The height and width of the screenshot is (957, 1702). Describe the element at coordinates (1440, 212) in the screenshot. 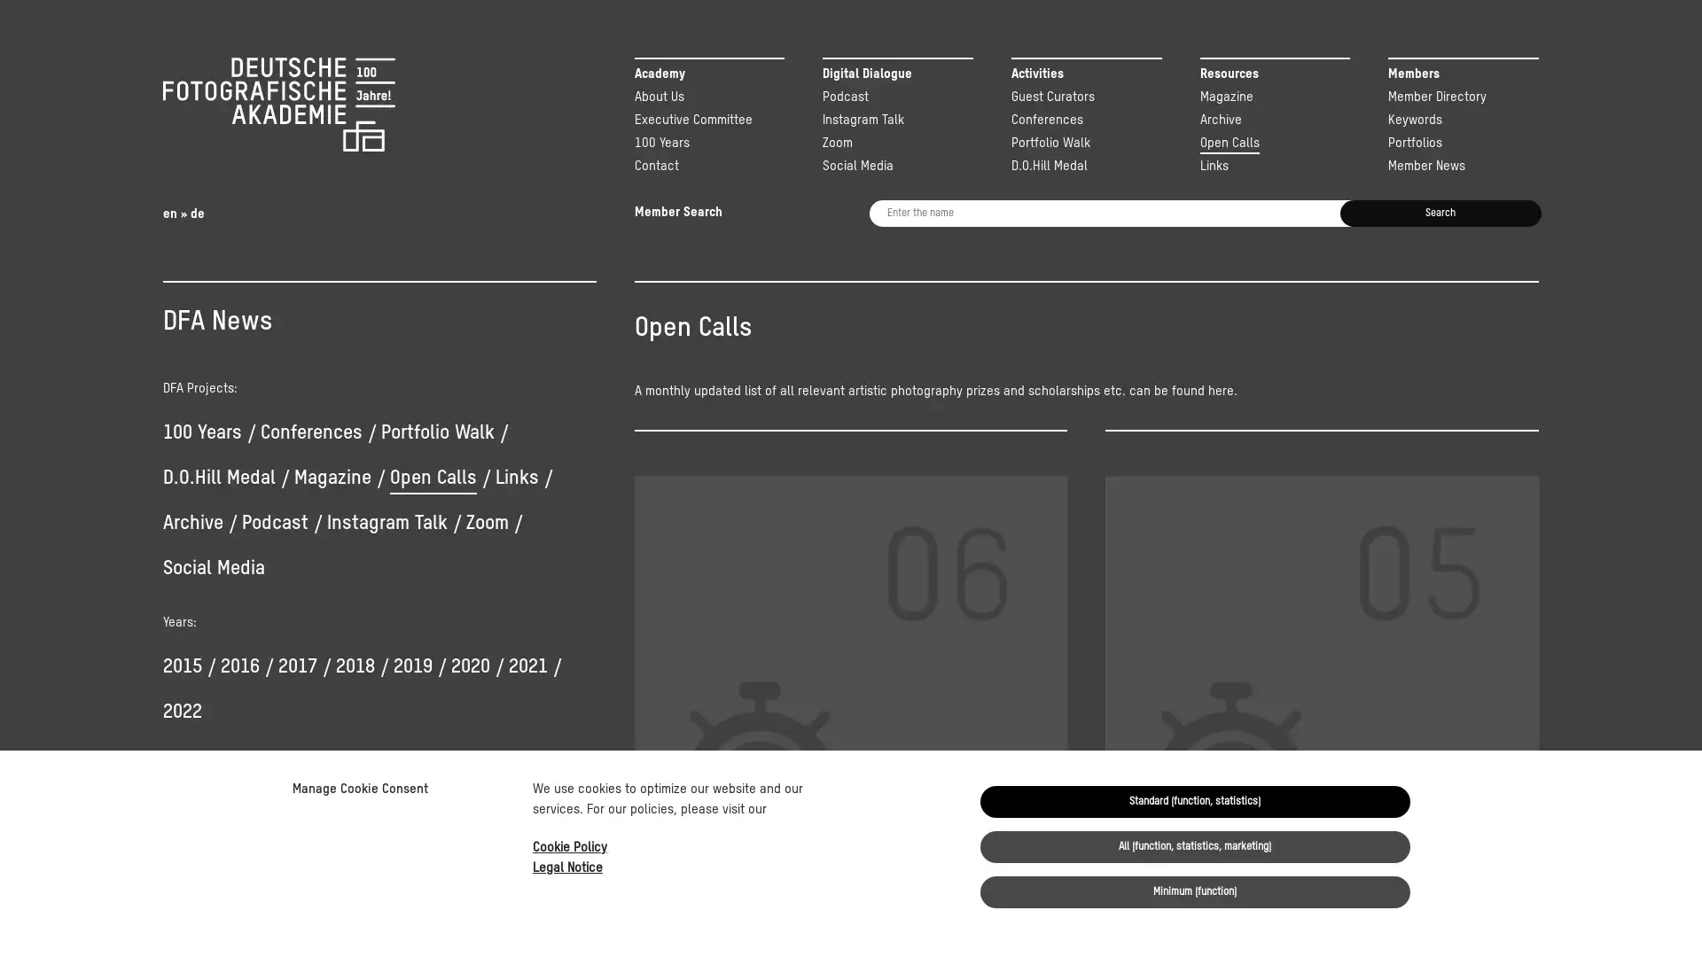

I see `Search` at that location.